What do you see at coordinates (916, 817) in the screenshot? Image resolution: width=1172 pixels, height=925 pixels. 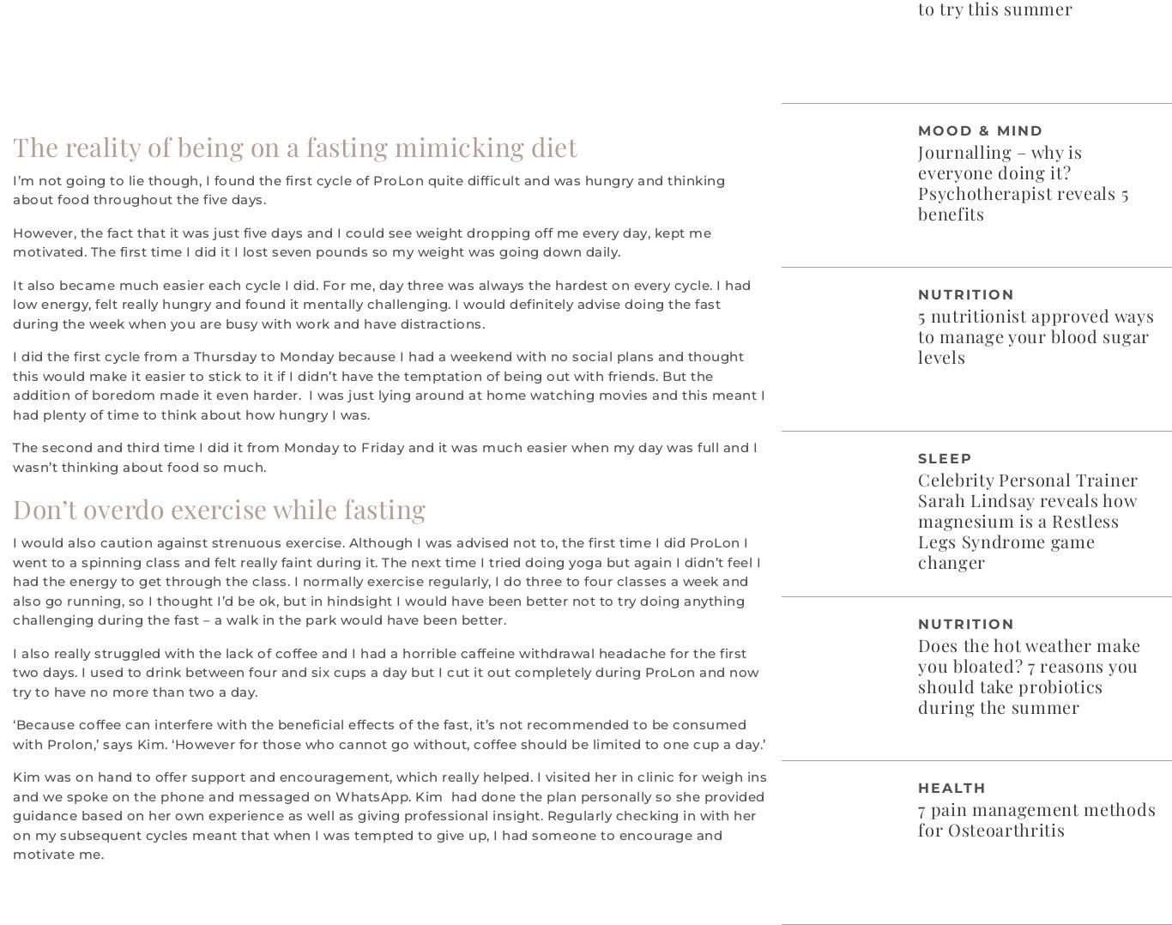 I see `'7 pain management methods for Osteoarthritis'` at bounding box center [916, 817].